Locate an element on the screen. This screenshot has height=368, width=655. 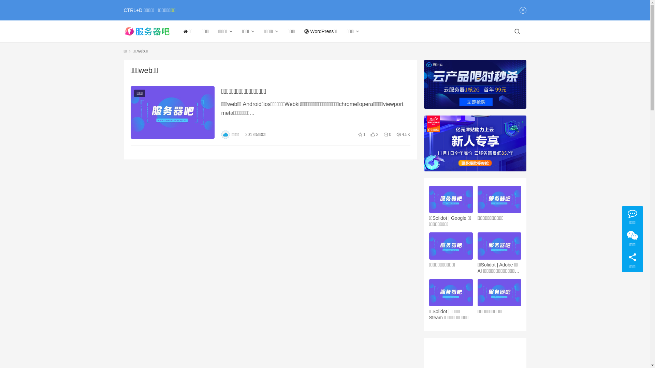
'0' is located at coordinates (387, 134).